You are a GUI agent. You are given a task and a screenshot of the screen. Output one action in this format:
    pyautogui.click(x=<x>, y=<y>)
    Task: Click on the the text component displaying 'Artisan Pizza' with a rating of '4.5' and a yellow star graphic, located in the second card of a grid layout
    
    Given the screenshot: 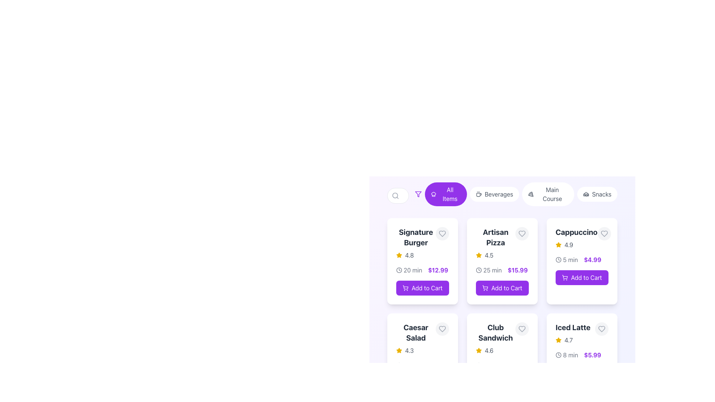 What is the action you would take?
    pyautogui.click(x=495, y=243)
    